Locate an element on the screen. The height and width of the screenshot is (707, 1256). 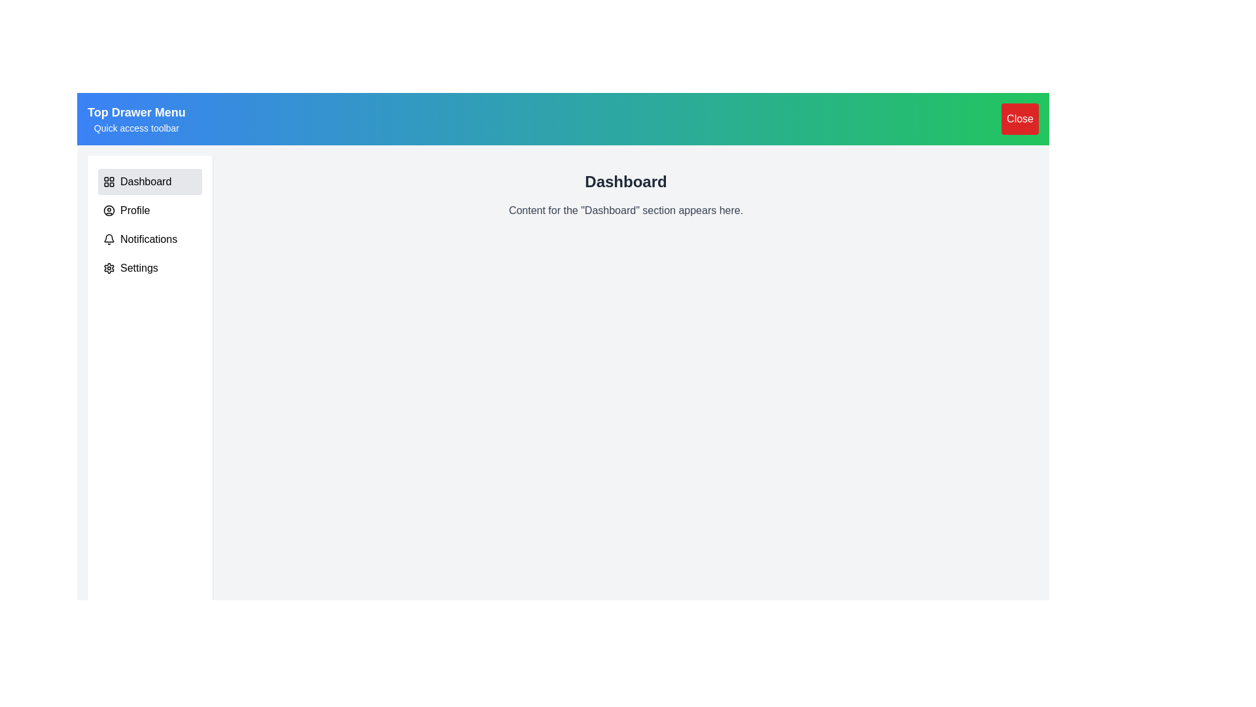
the 'Close' button to close the top drawer menu is located at coordinates (1019, 118).